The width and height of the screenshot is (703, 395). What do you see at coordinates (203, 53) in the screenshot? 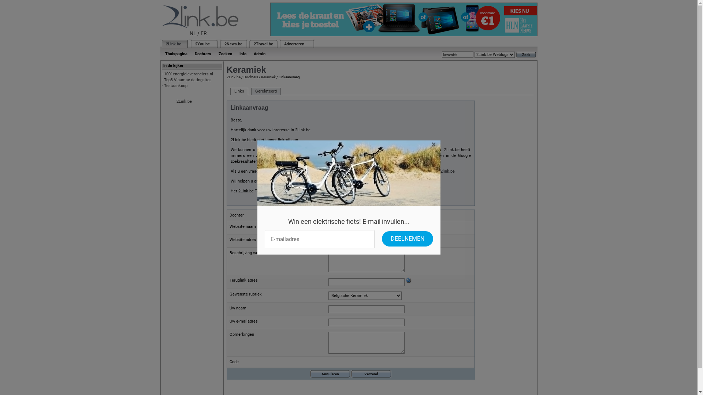
I see `'Dochters'` at bounding box center [203, 53].